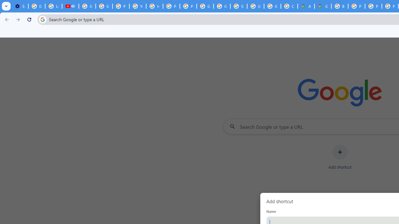 This screenshot has height=224, width=399. I want to click on 'Blogger Policies and Guidelines - Transparency Center', so click(339, 6).